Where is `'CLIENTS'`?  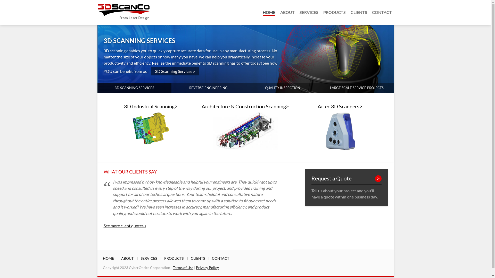 'CLIENTS' is located at coordinates (359, 12).